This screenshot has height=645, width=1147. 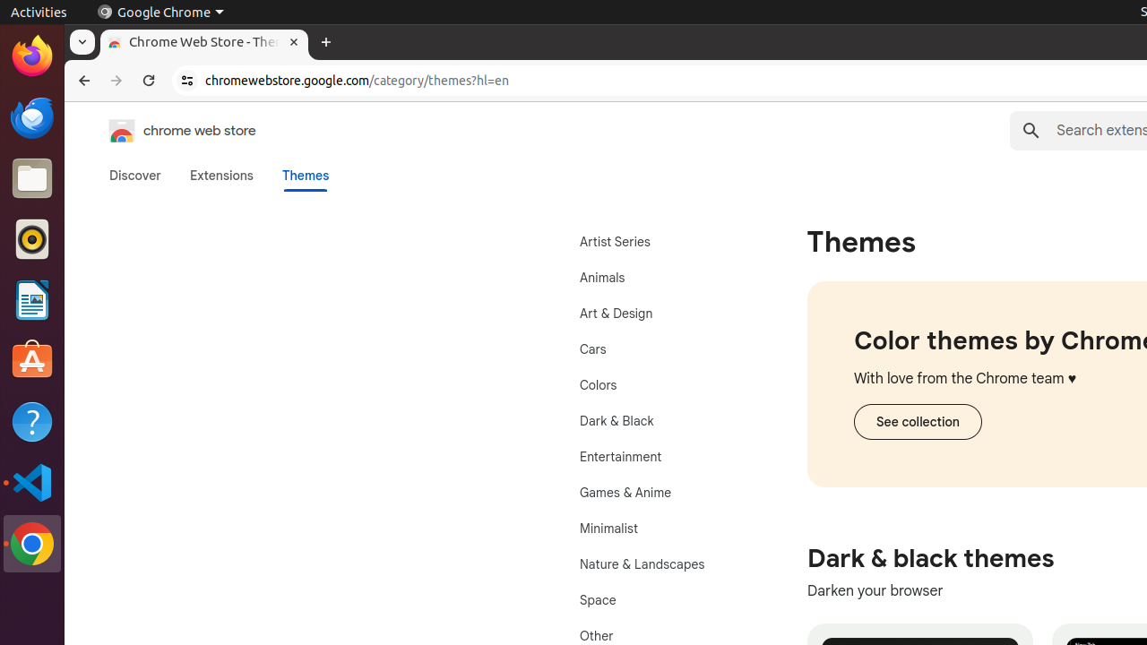 I want to click on 'Minimalist', so click(x=660, y=527).